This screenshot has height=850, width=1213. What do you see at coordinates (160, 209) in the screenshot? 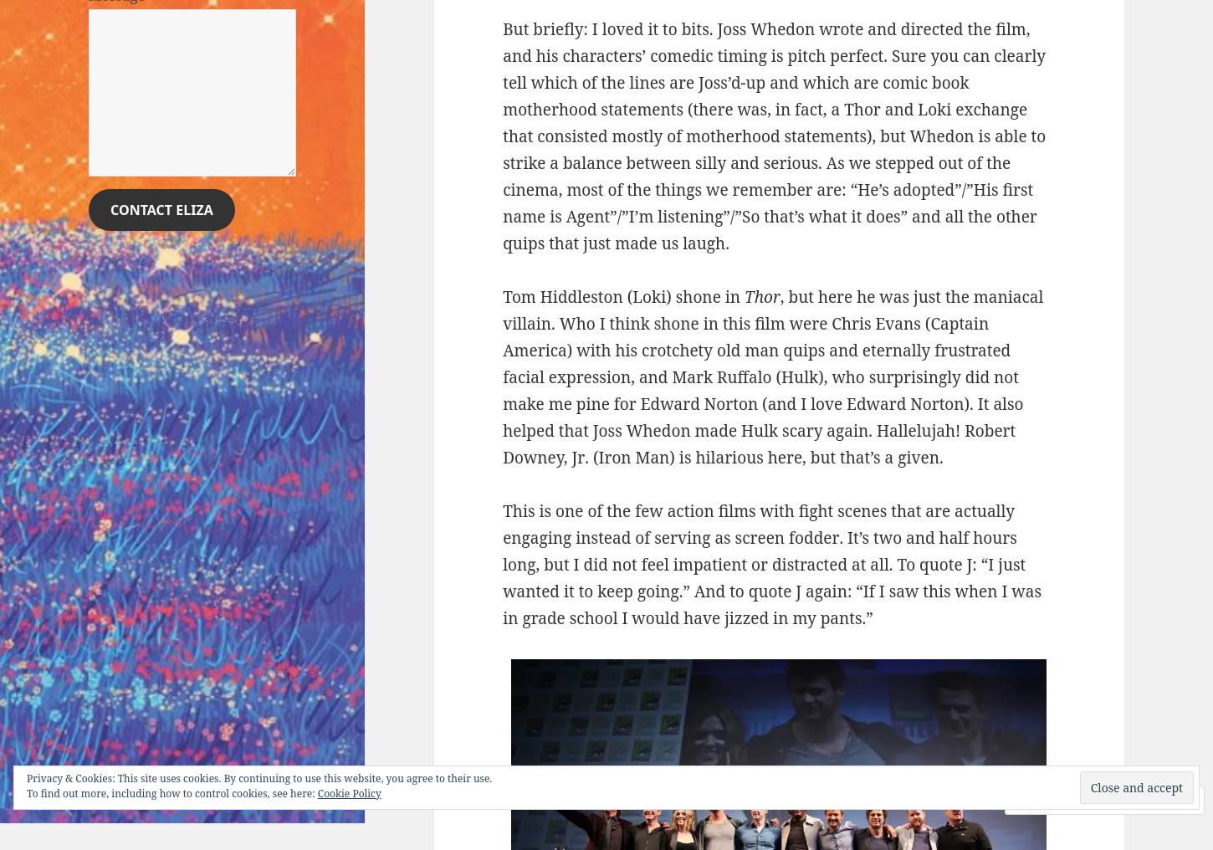
I see `'Contact ELIZA'` at bounding box center [160, 209].